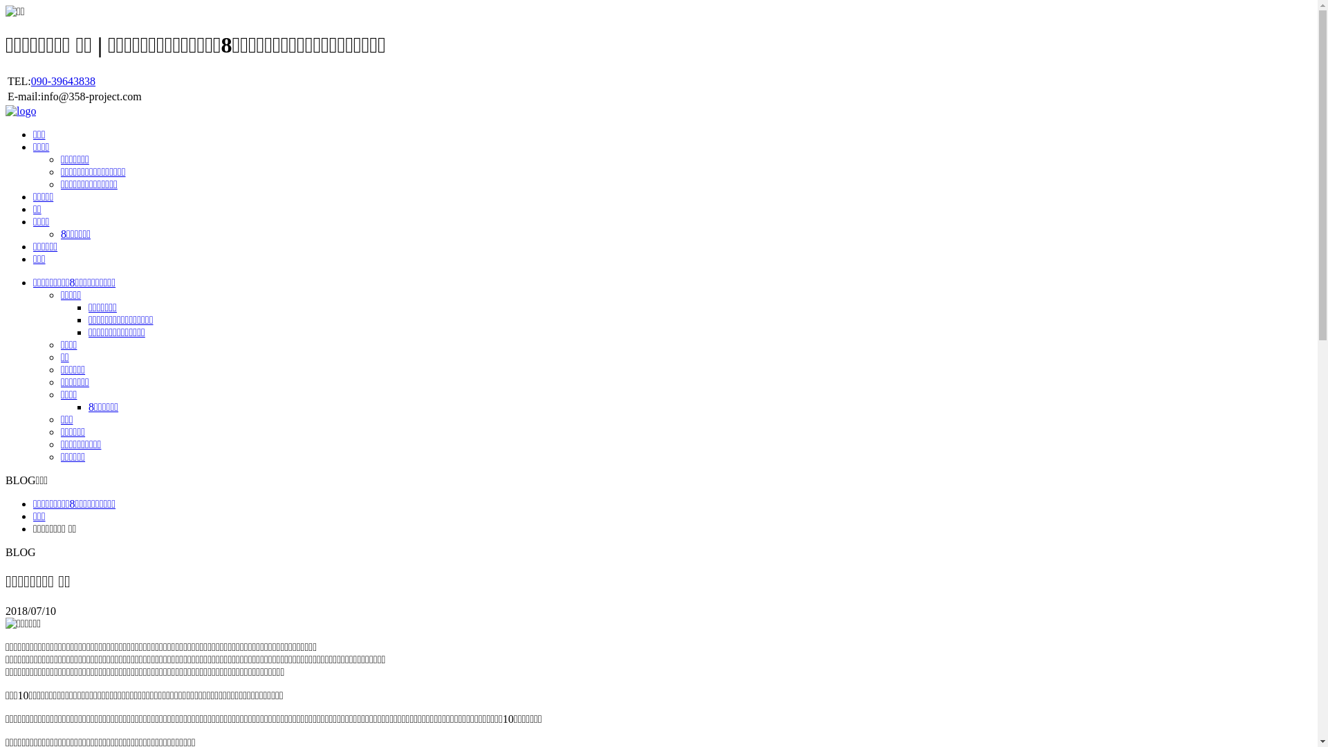 The width and height of the screenshot is (1328, 747). Describe the element at coordinates (30, 81) in the screenshot. I see `'090-39643838'` at that location.